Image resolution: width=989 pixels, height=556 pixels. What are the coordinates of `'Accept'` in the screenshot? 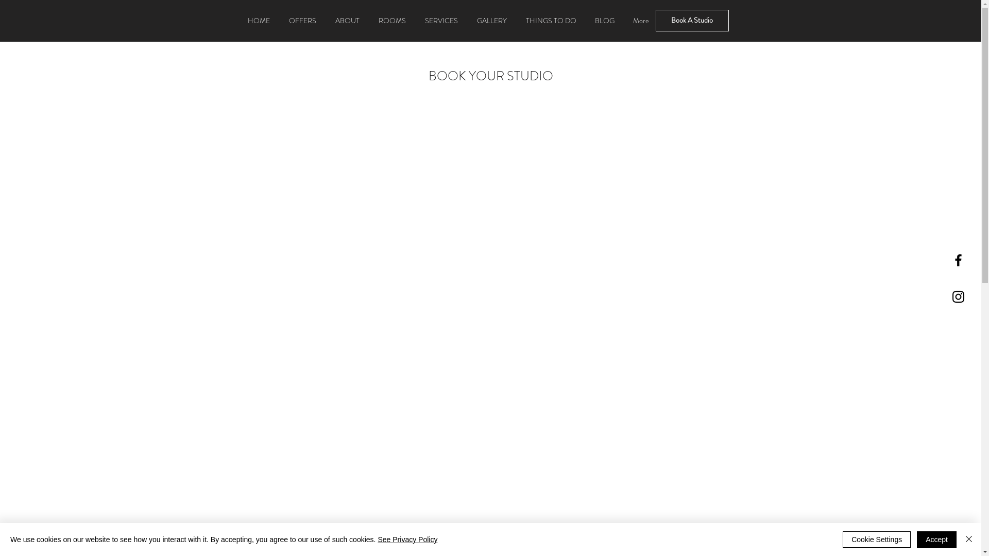 It's located at (936, 539).